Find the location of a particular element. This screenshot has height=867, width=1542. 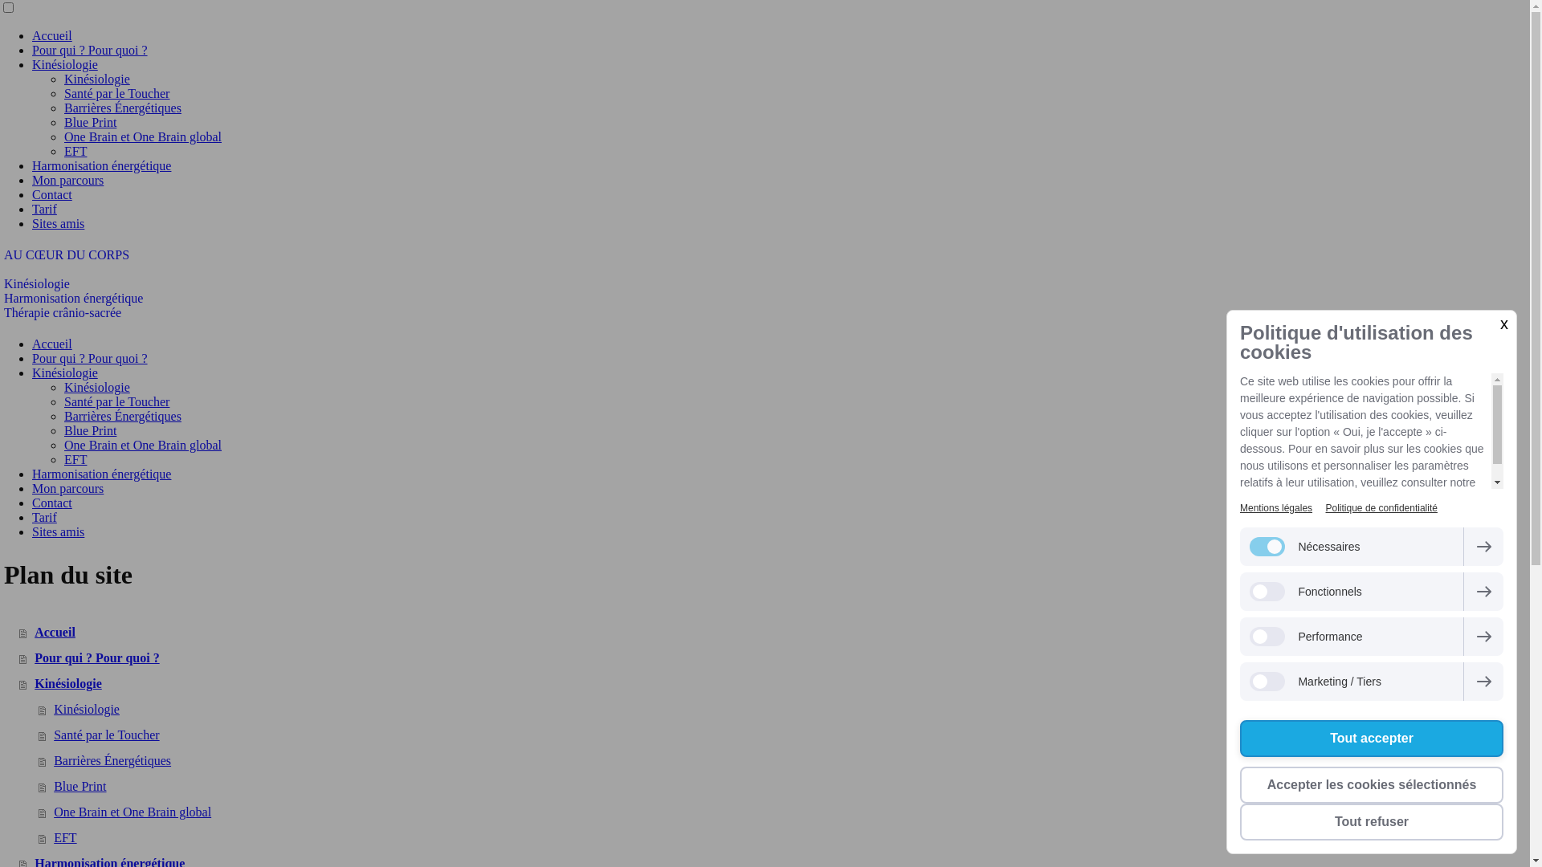

'Tout refuser' is located at coordinates (1371, 821).